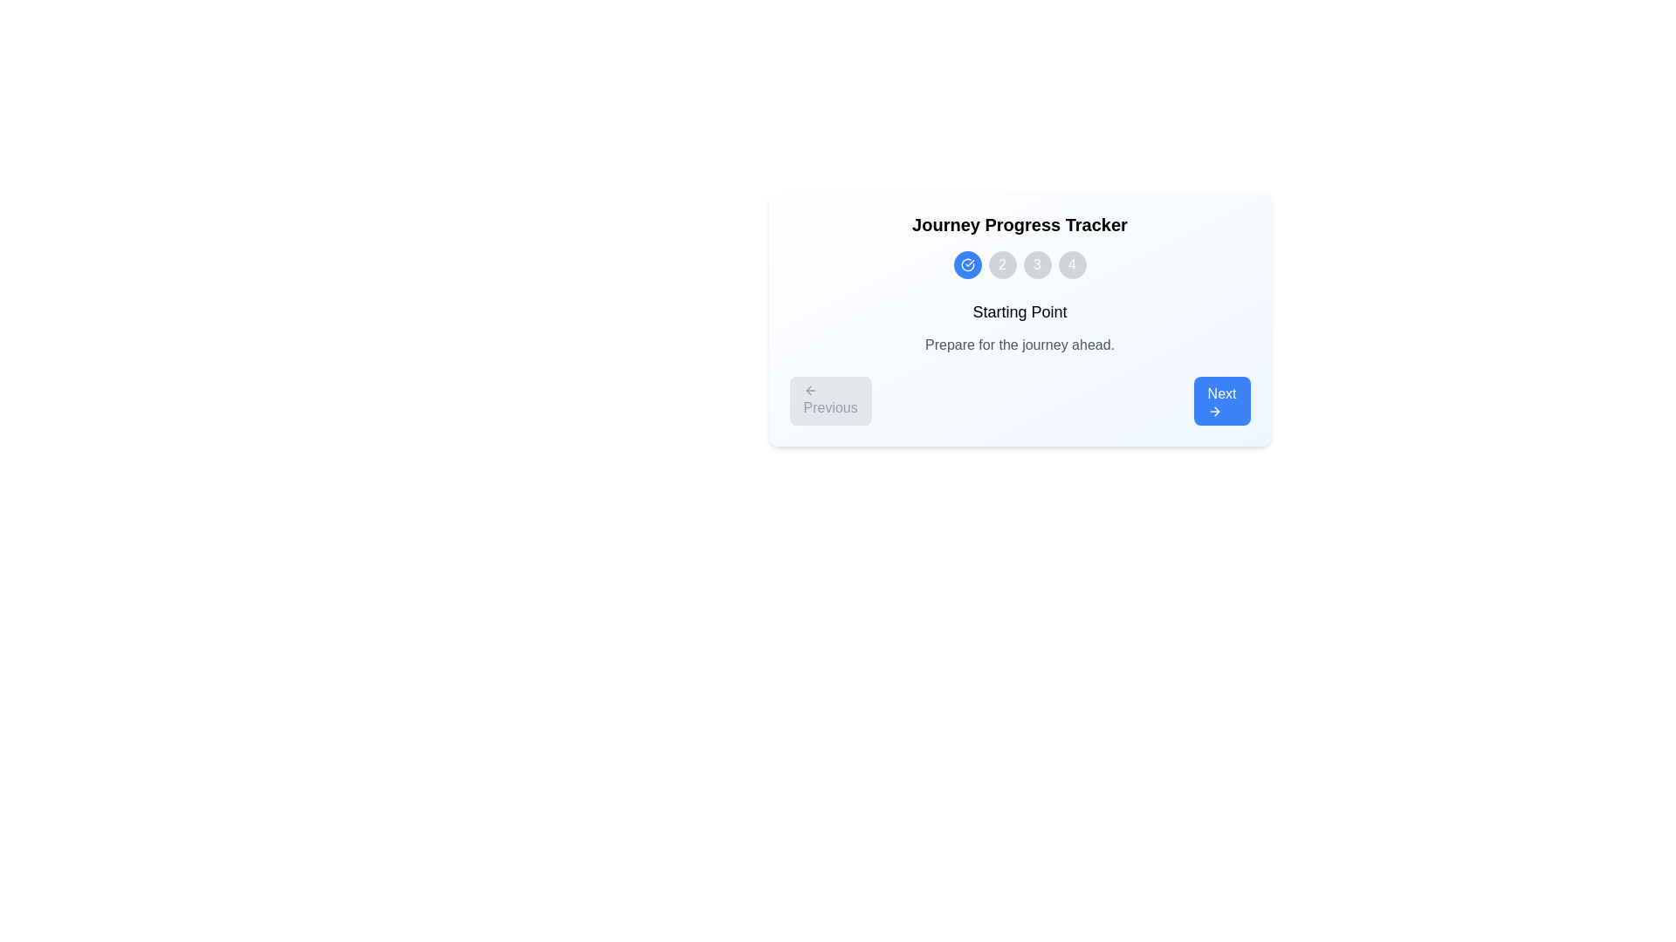  I want to click on the completed status icon of the first step in the progress tracker, which is located to the left of the circular elements labeled '2', '3', and '4', so click(966, 265).